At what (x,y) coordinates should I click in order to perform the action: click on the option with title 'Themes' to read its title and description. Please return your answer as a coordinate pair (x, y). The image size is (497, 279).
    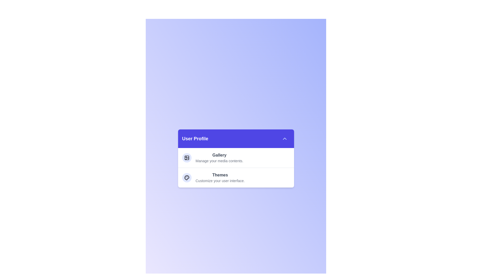
    Looking at the image, I should click on (236, 177).